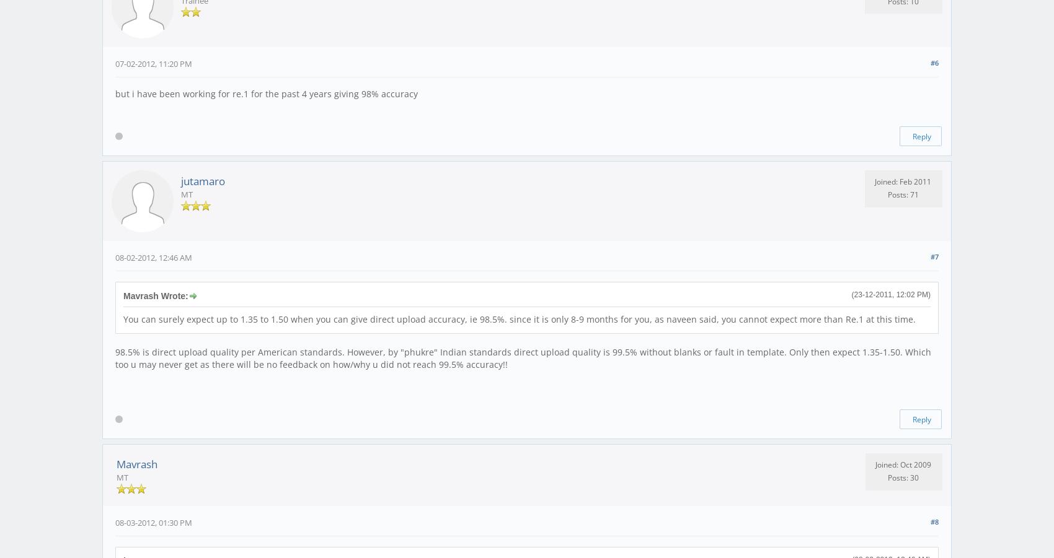 The width and height of the screenshot is (1054, 558). Describe the element at coordinates (116, 463) in the screenshot. I see `'Mavrash'` at that location.